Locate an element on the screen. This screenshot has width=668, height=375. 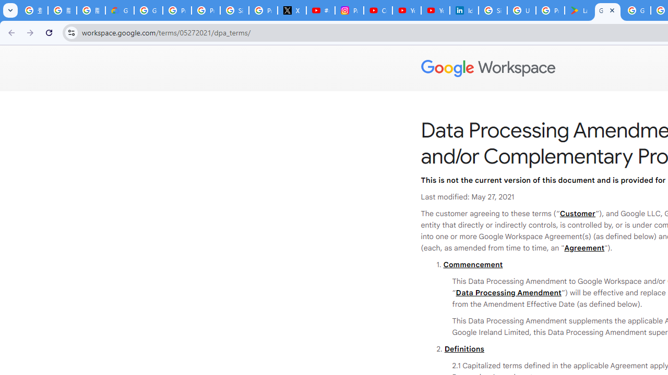
'Last Shelter: Survival - Apps on Google Play' is located at coordinates (578, 10).